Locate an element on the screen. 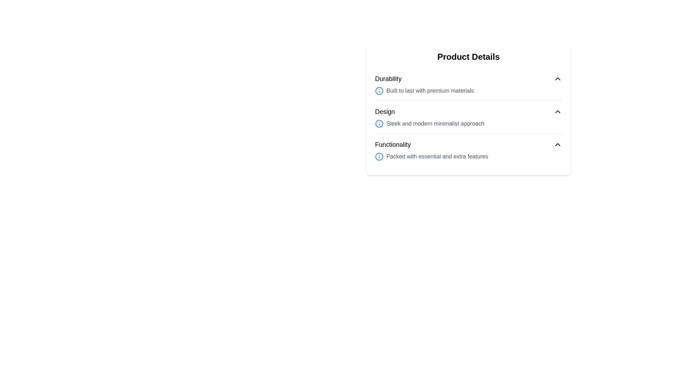 The height and width of the screenshot is (382, 680). the information icon next to the text "Sleek and modern minimalist approach" located under the "Design" section is located at coordinates (469, 123).